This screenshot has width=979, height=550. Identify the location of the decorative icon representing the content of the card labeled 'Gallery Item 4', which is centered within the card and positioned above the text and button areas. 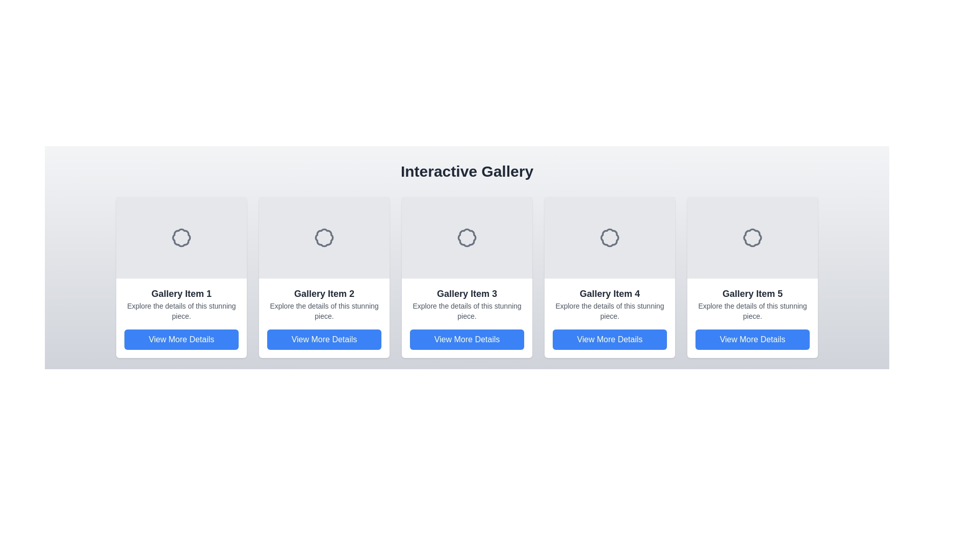
(609, 237).